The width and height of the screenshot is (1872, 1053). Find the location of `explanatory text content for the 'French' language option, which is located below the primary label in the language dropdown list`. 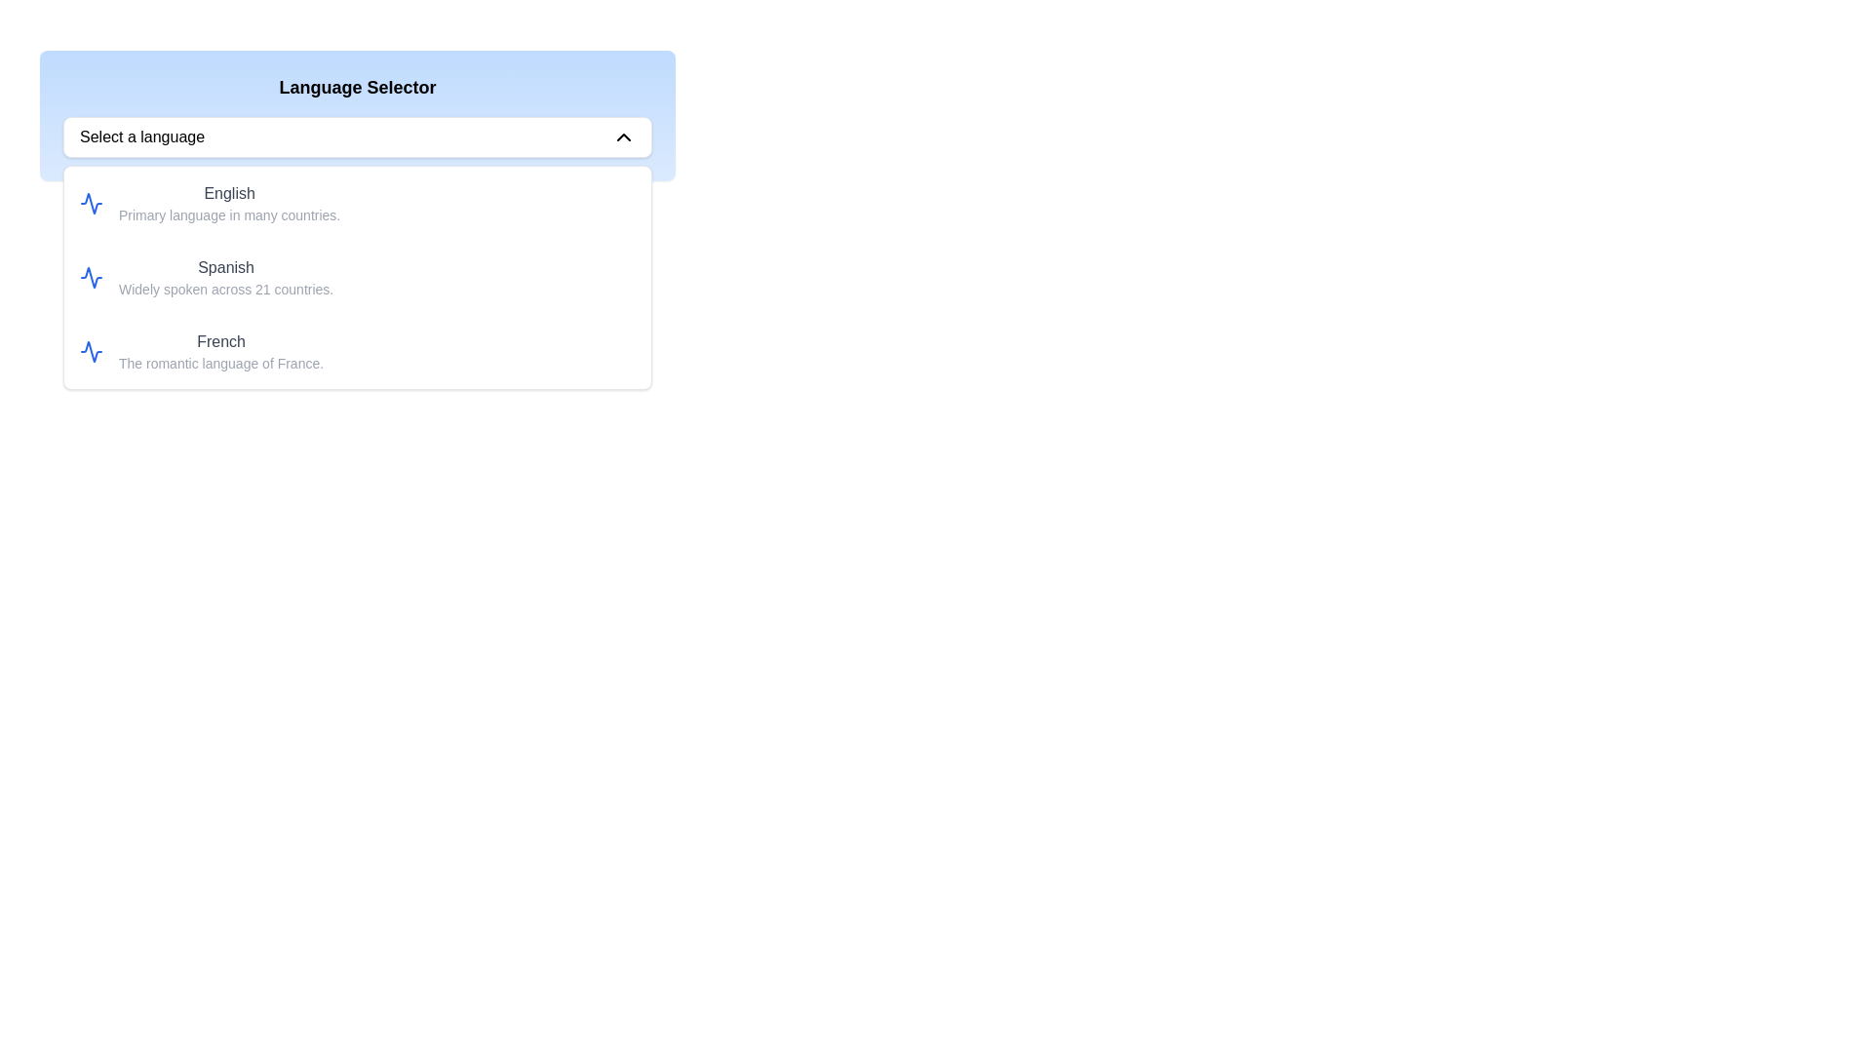

explanatory text content for the 'French' language option, which is located below the primary label in the language dropdown list is located at coordinates (221, 364).